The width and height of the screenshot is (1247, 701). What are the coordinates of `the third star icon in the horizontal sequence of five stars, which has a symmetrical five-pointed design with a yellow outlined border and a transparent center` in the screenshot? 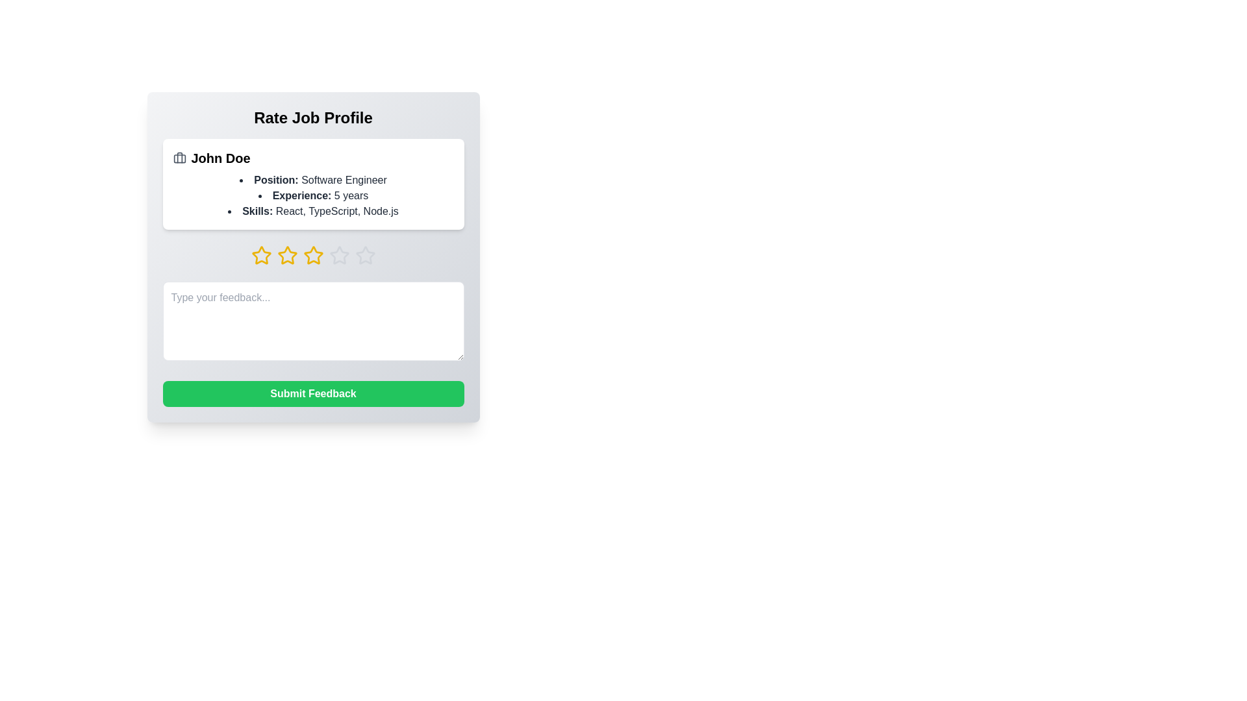 It's located at (313, 255).